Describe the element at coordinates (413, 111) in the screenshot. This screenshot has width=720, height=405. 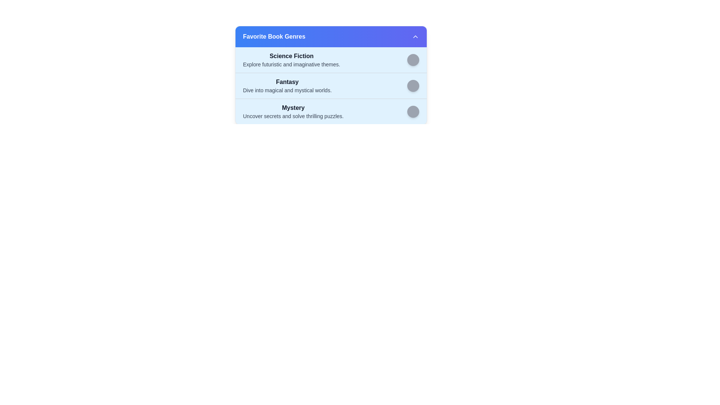
I see `the circular button located at the far right of the third row labeled 'Mystery'` at that location.